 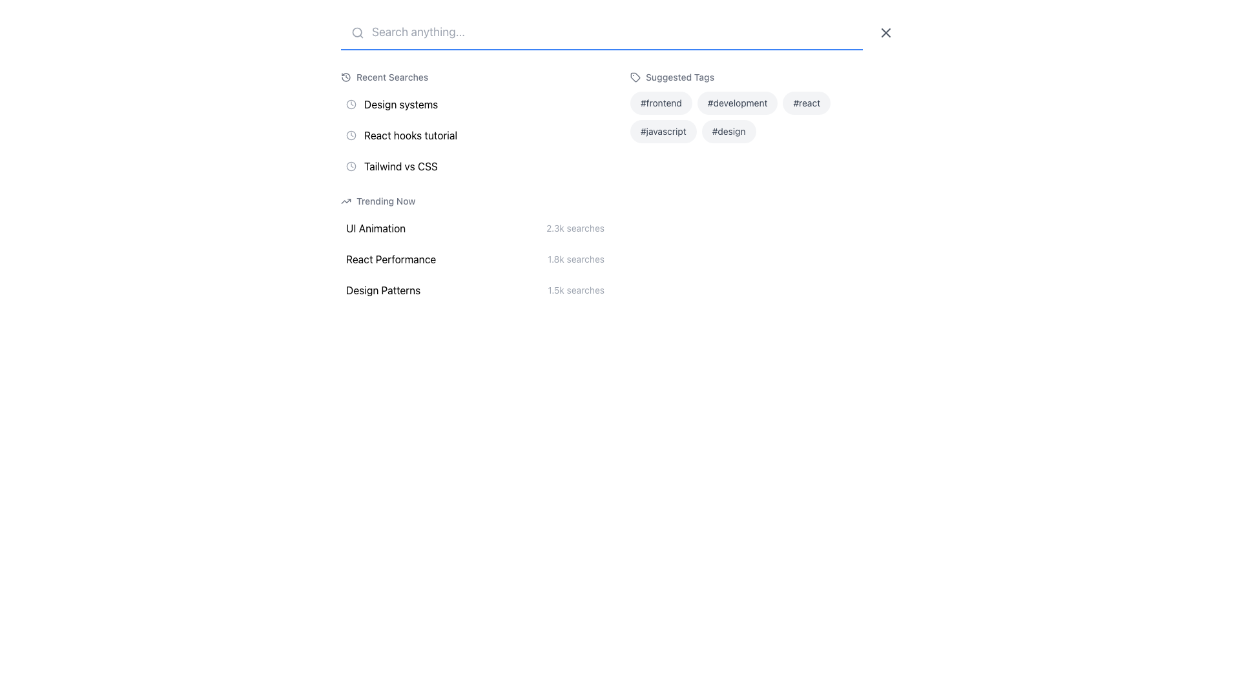 What do you see at coordinates (351, 135) in the screenshot?
I see `the SVG circle element that serves as the base of the clock icon in the 'Recent Searches' section, located to the left of the text 'Design systems.'` at bounding box center [351, 135].